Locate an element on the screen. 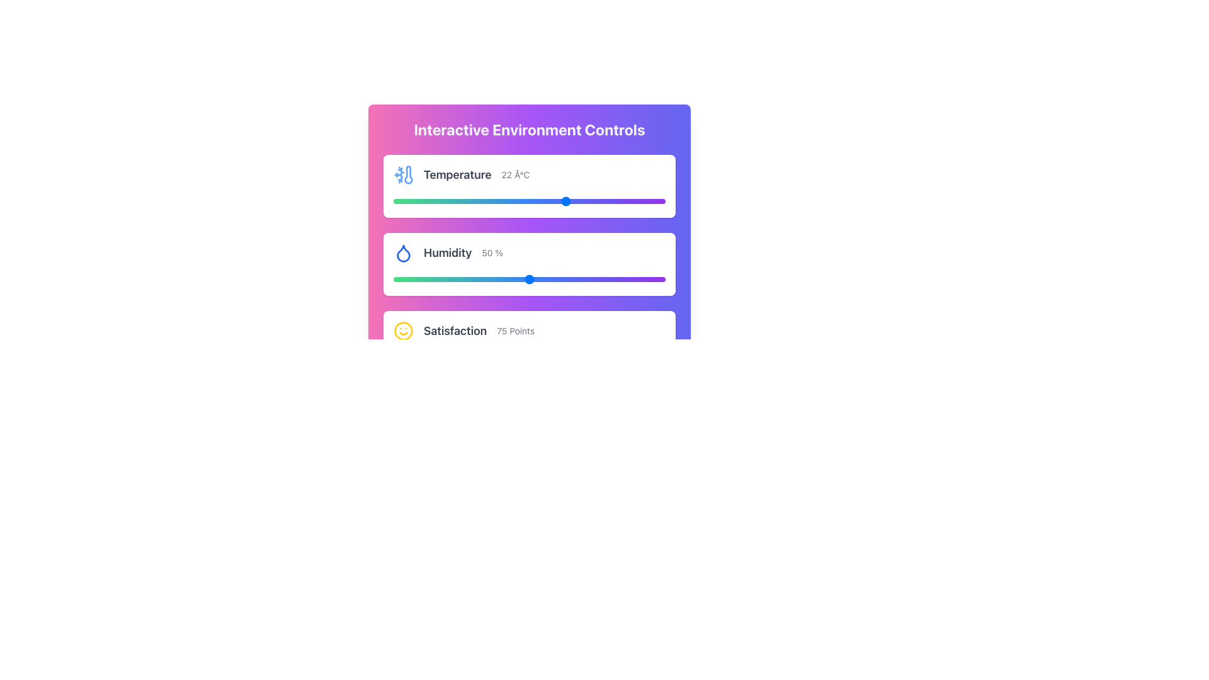 The height and width of the screenshot is (680, 1209). the sliders on the control panel for environmental settings, which is a prominent card element centered within the interface is located at coordinates (529, 247).